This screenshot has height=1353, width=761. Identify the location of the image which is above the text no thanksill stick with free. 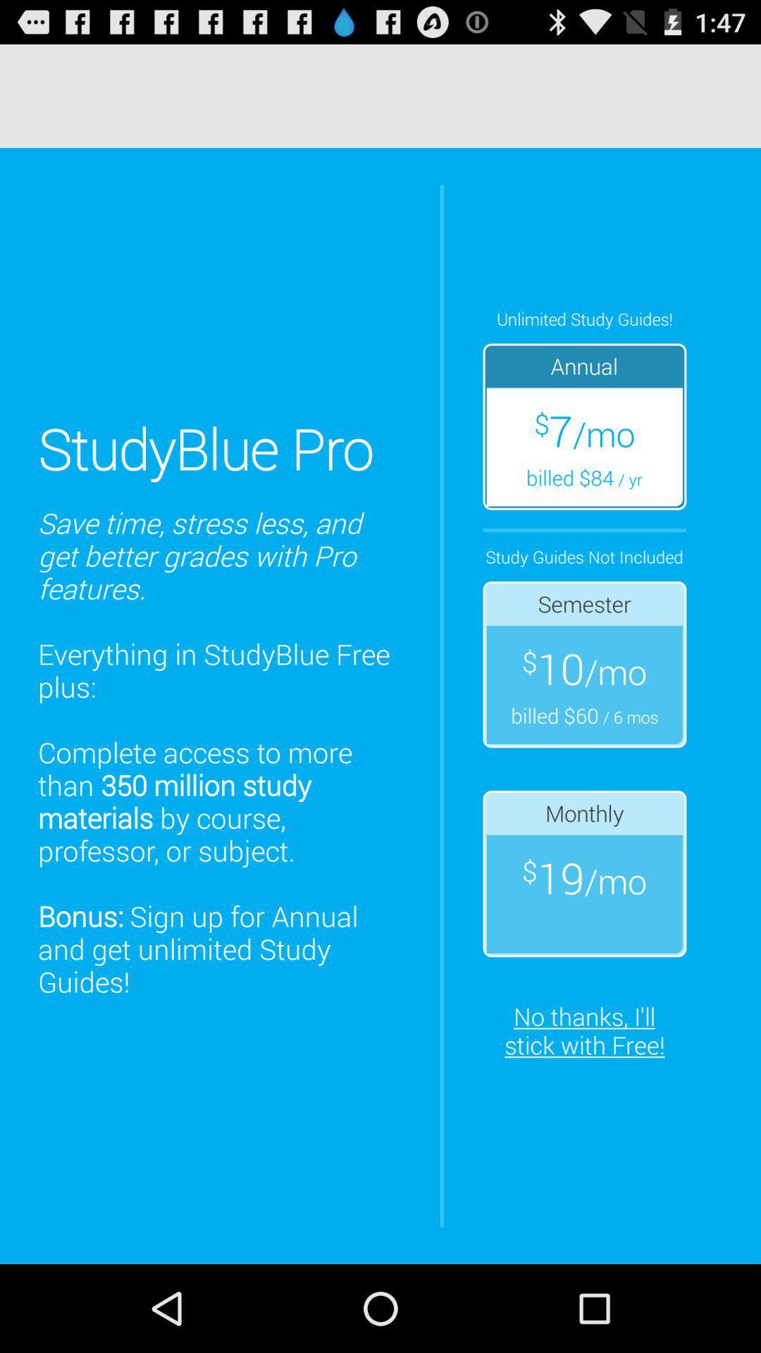
(584, 872).